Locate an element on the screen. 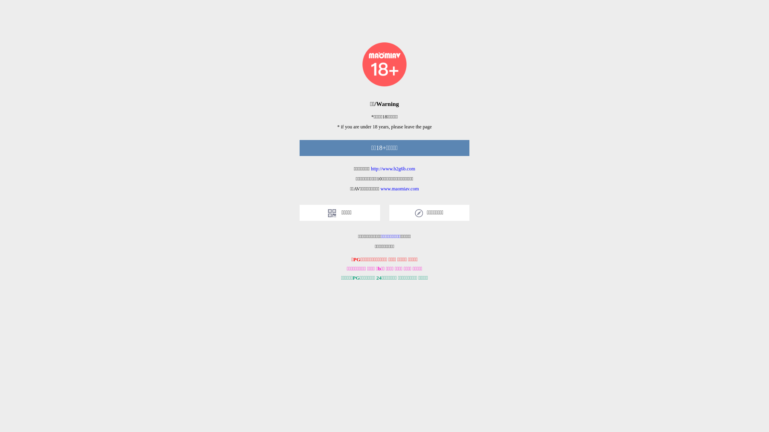 Image resolution: width=769 pixels, height=432 pixels. 'http://www.b2g6b.com' is located at coordinates (393, 168).